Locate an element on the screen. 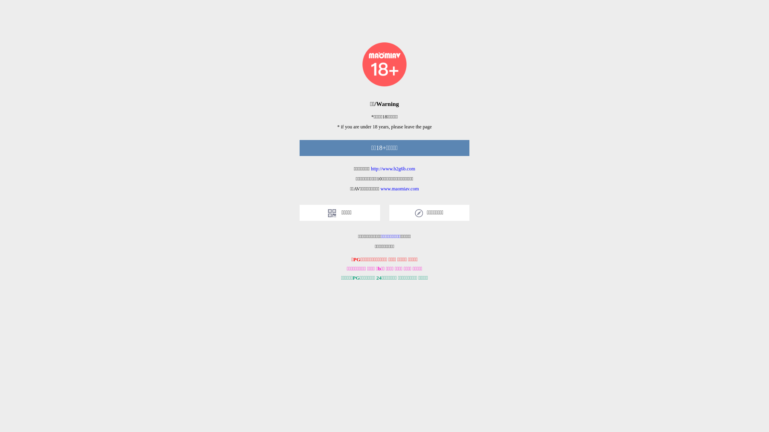 Image resolution: width=769 pixels, height=432 pixels. 'http://www.b2g6b.com' is located at coordinates (393, 168).